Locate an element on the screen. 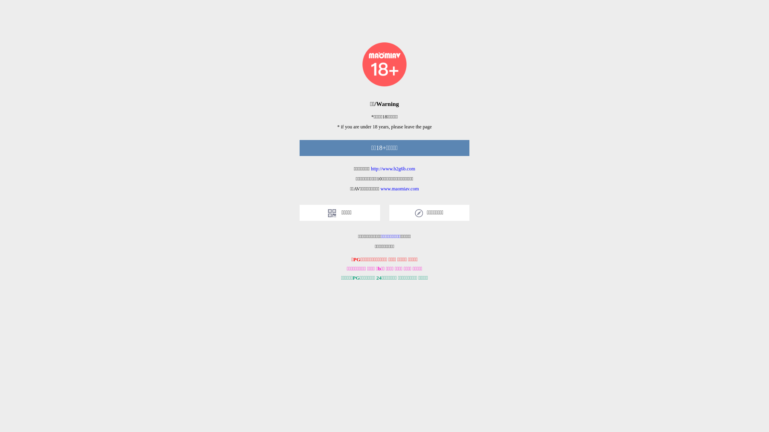 Image resolution: width=769 pixels, height=432 pixels. 'http://www.b2g6b.com' is located at coordinates (393, 168).